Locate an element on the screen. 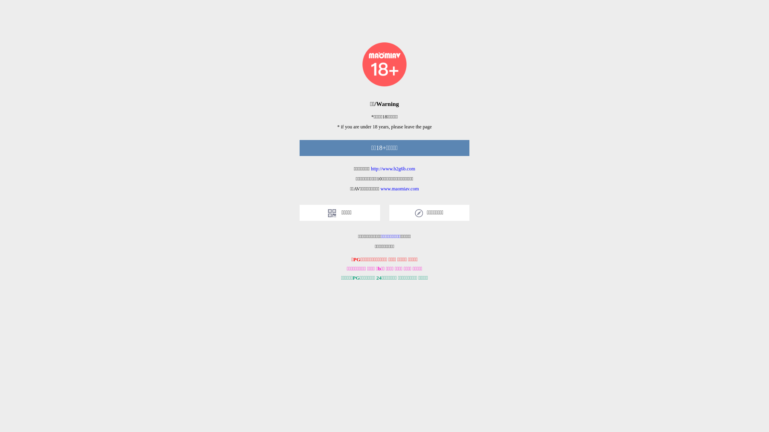 Image resolution: width=769 pixels, height=432 pixels. 'http://www.b2g6b.com' is located at coordinates (393, 168).